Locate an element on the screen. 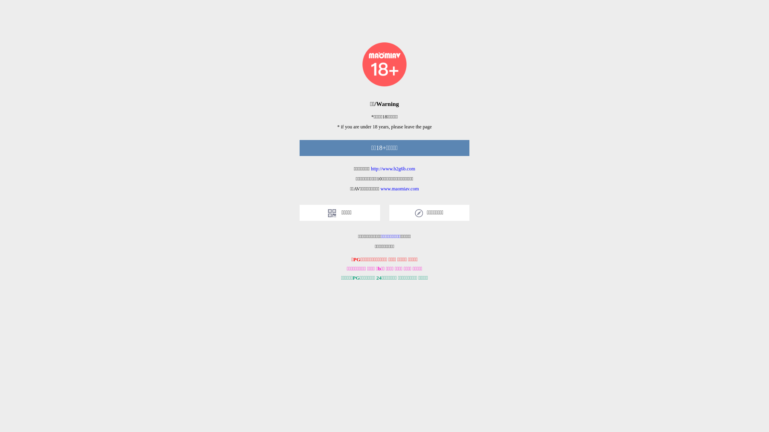 Image resolution: width=769 pixels, height=432 pixels. 'http://www.b2g6b.com' is located at coordinates (393, 168).